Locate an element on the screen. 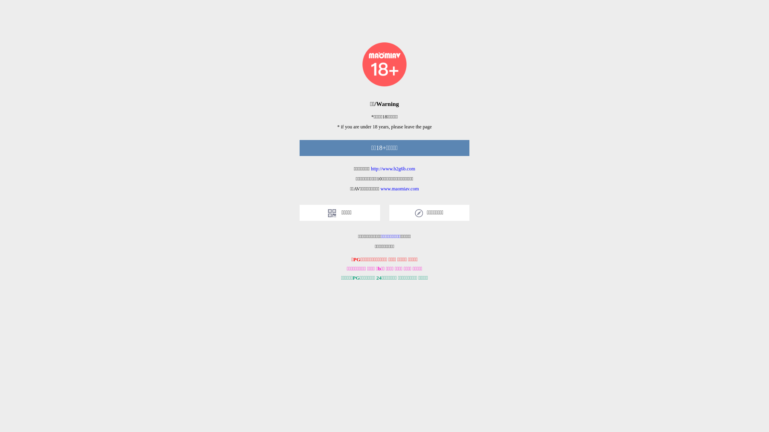 Image resolution: width=769 pixels, height=432 pixels. 'http://www.b2g6b.com' is located at coordinates (393, 168).